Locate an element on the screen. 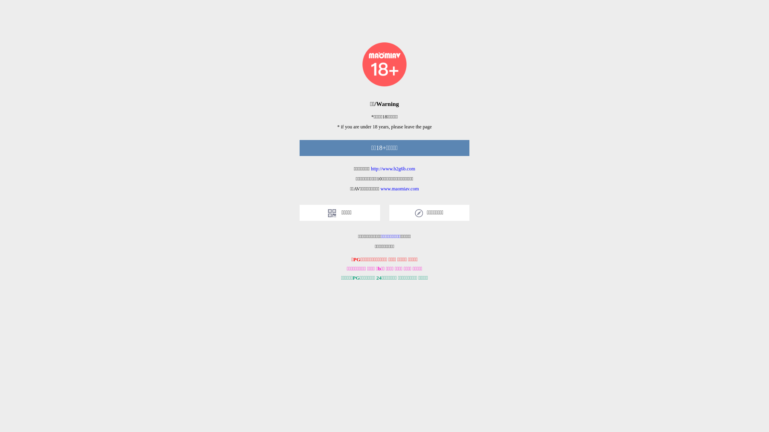 Image resolution: width=769 pixels, height=432 pixels. 'http://www.b2g6b.com' is located at coordinates (393, 168).